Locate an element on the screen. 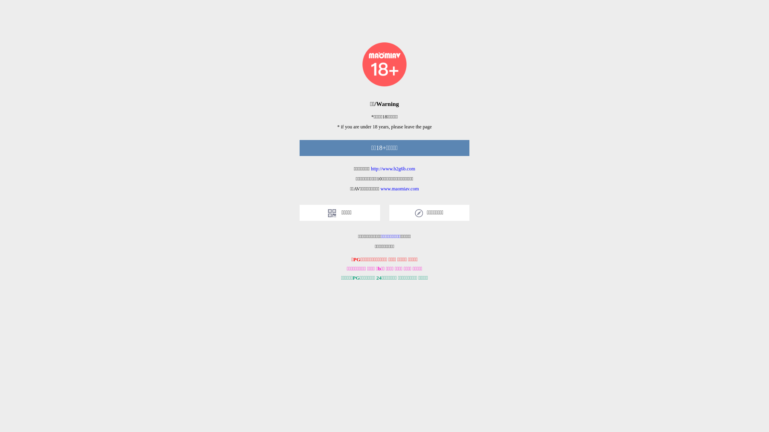 Image resolution: width=769 pixels, height=432 pixels. 'http://www.b2g6b.com' is located at coordinates (393, 168).